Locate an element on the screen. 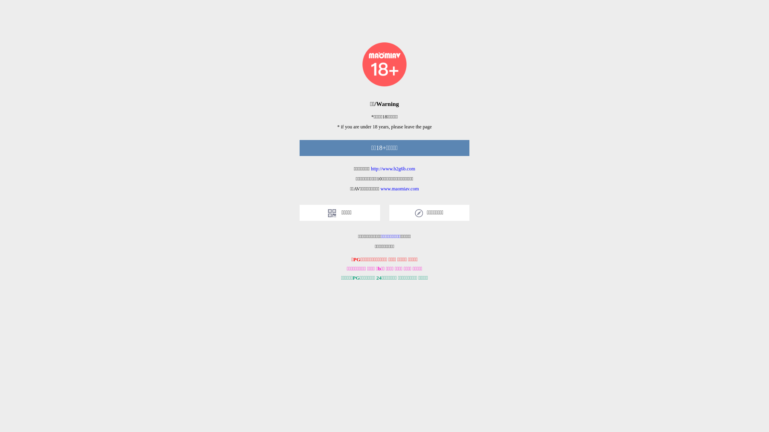 Image resolution: width=769 pixels, height=432 pixels. 'http://www.b2g6b.com' is located at coordinates (393, 168).